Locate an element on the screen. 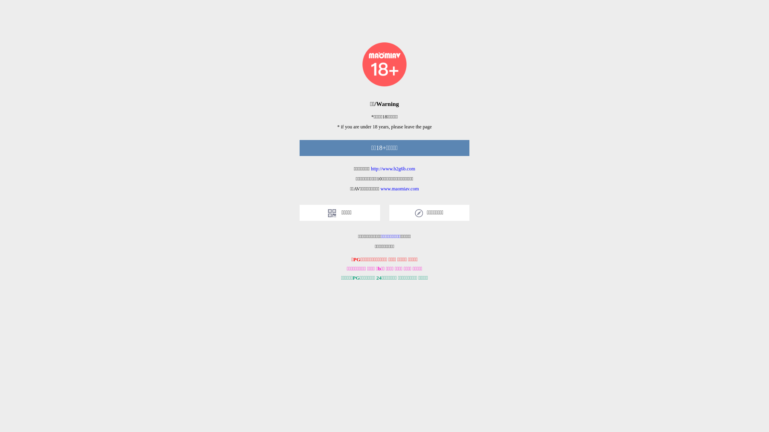 Image resolution: width=769 pixels, height=432 pixels. 'http://www.b2g6b.com' is located at coordinates (393, 168).